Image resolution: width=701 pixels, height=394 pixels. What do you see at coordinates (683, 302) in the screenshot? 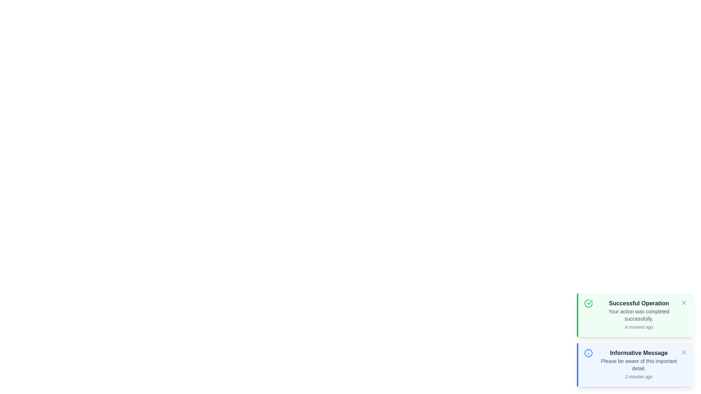
I see `close button of the notification to dismiss it` at bounding box center [683, 302].